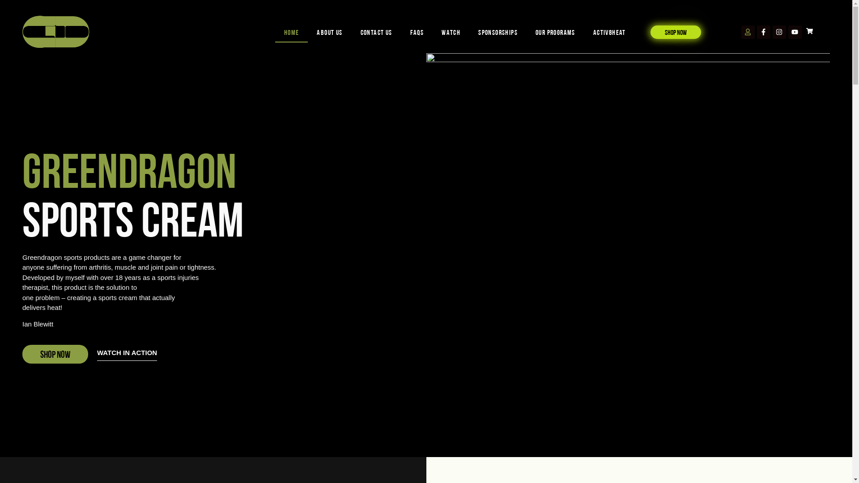 The height and width of the screenshot is (483, 859). Describe the element at coordinates (498, 31) in the screenshot. I see `'SPONSORSHIPS'` at that location.